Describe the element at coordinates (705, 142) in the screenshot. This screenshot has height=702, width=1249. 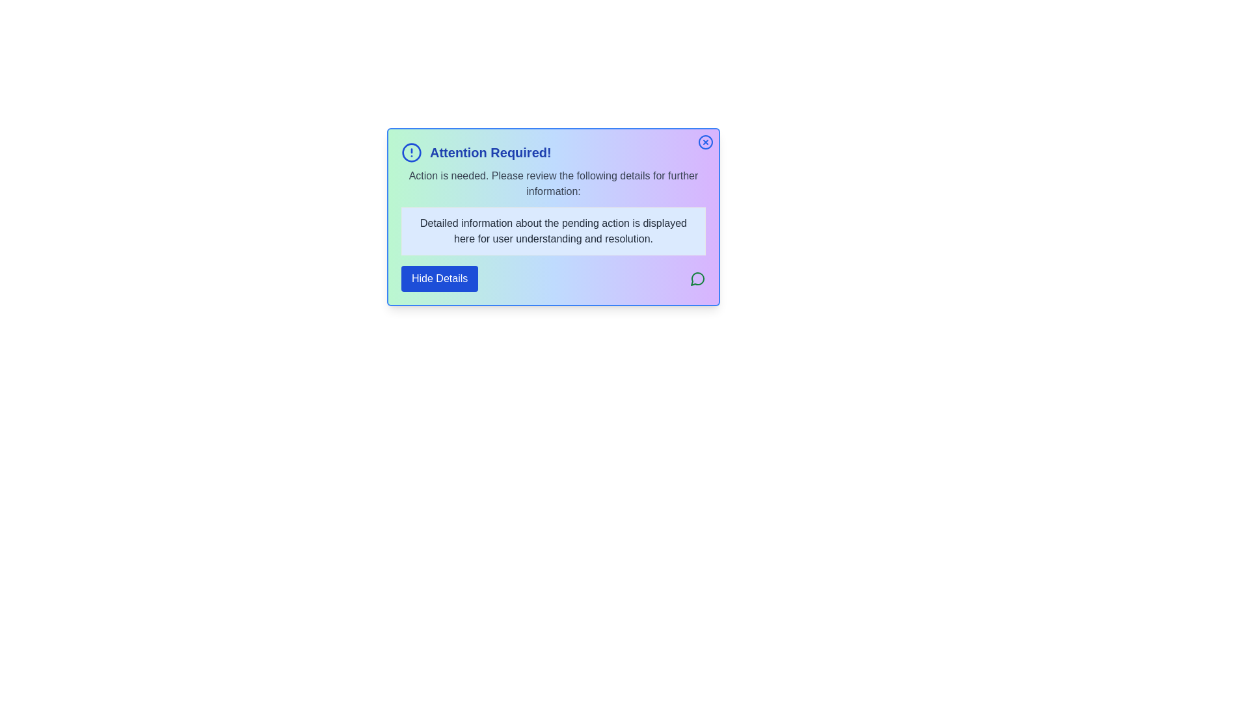
I see `the close button of the alert to close it` at that location.